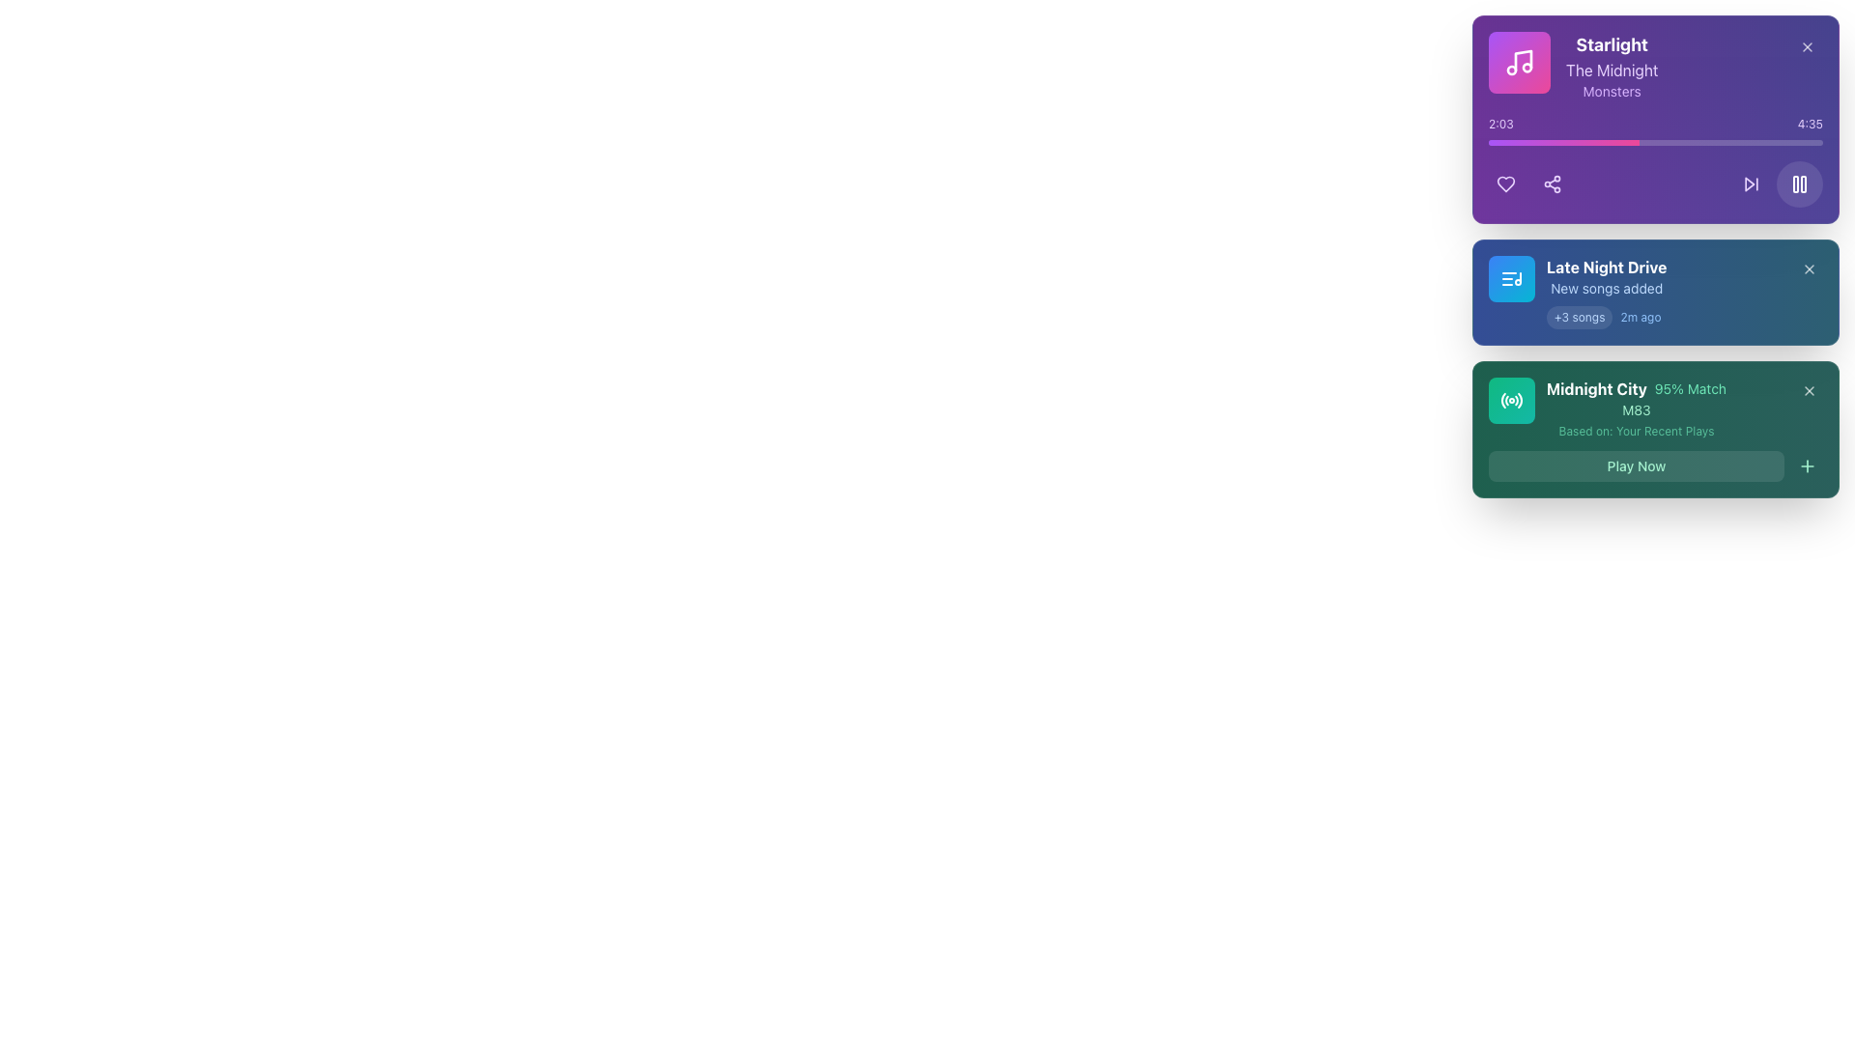 The height and width of the screenshot is (1043, 1855). I want to click on playback progress, so click(1504, 141).